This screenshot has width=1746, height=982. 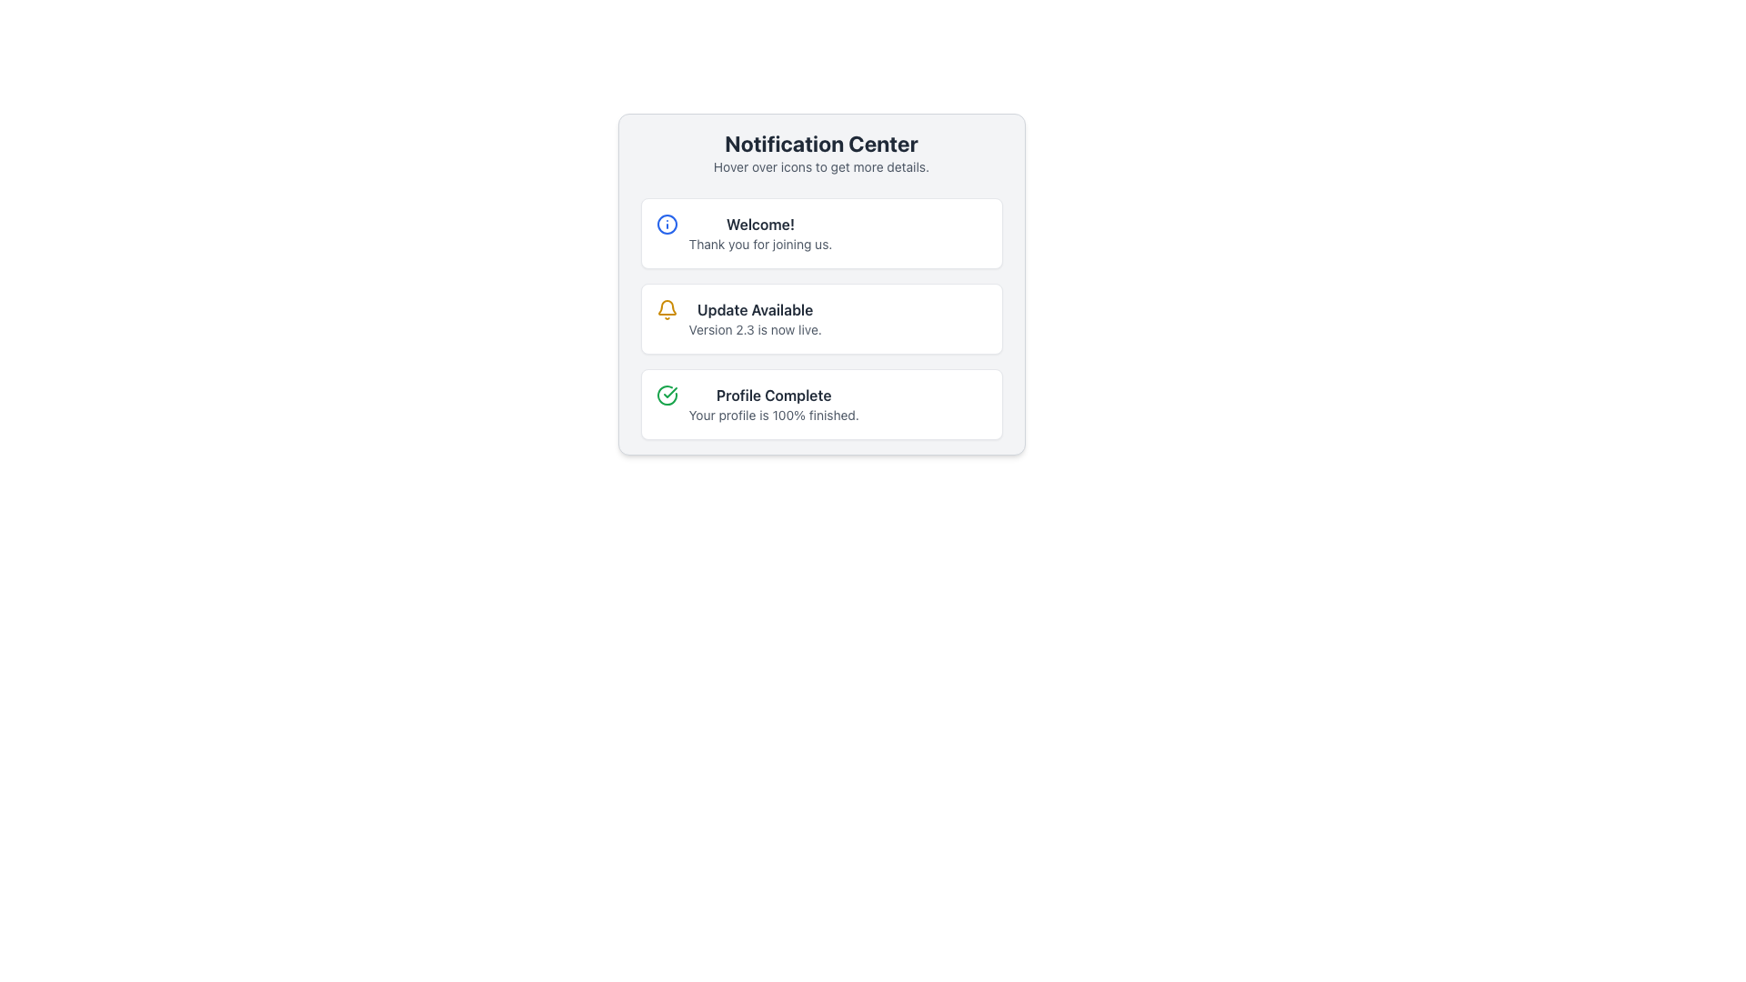 I want to click on the information icon located at the left side of the first notification card that includes the title 'Welcome!' and subtitle 'Thank you for joining us.', so click(x=666, y=223).